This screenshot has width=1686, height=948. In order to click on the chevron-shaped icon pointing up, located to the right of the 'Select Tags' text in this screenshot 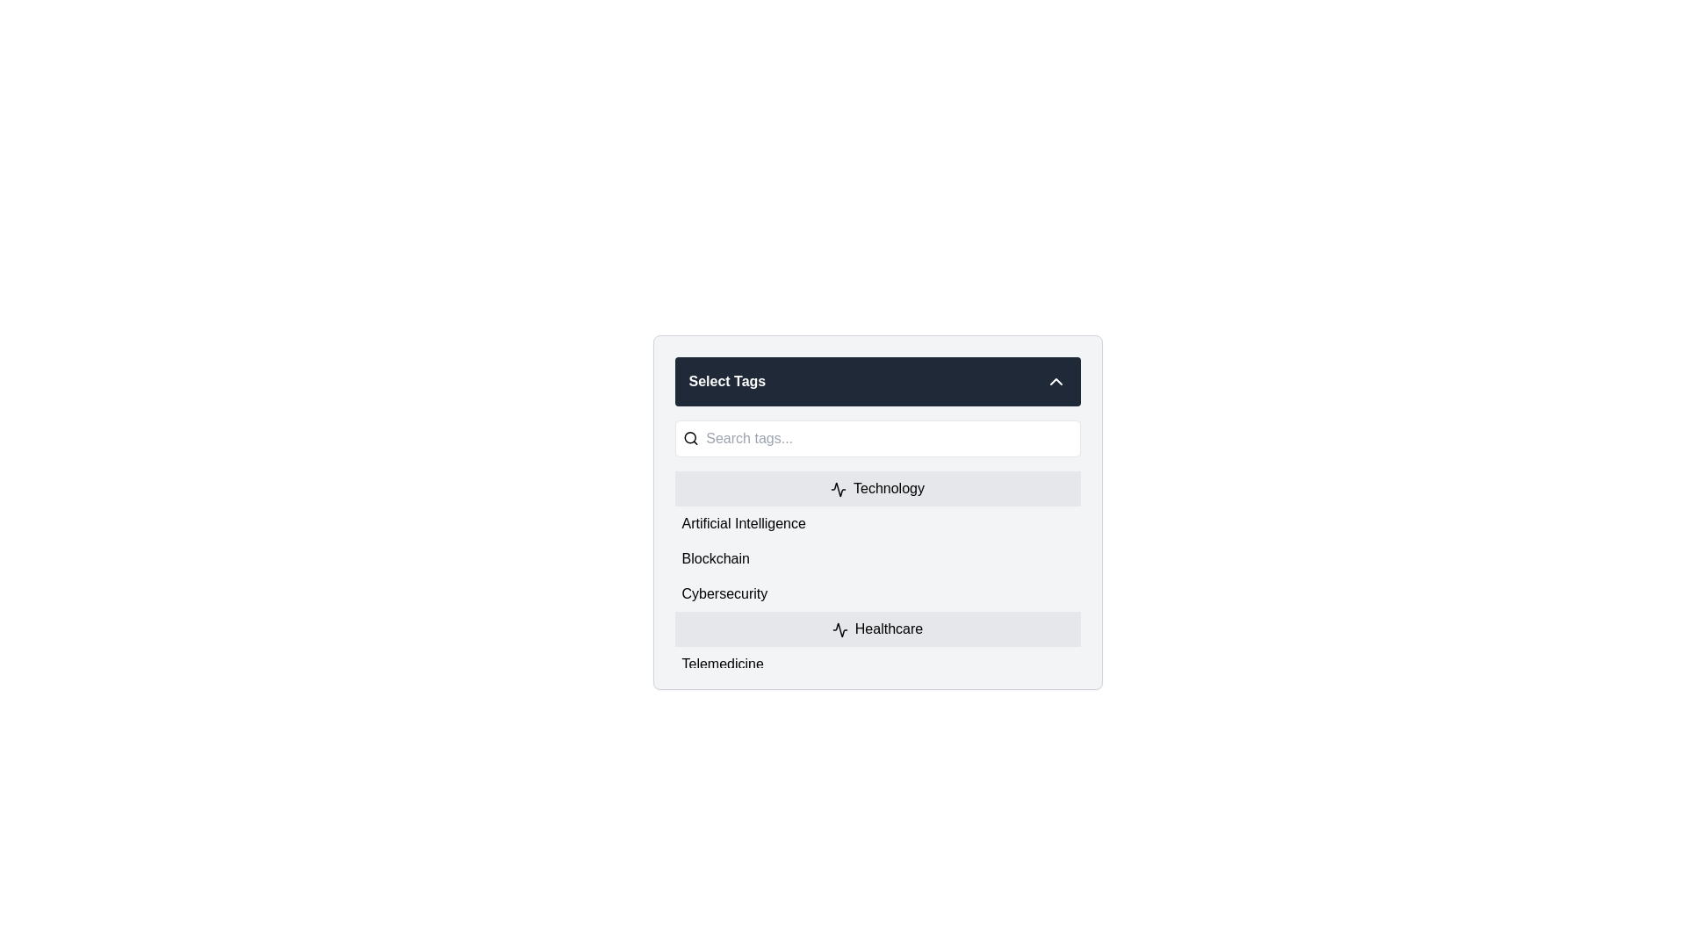, I will do `click(1055, 381)`.